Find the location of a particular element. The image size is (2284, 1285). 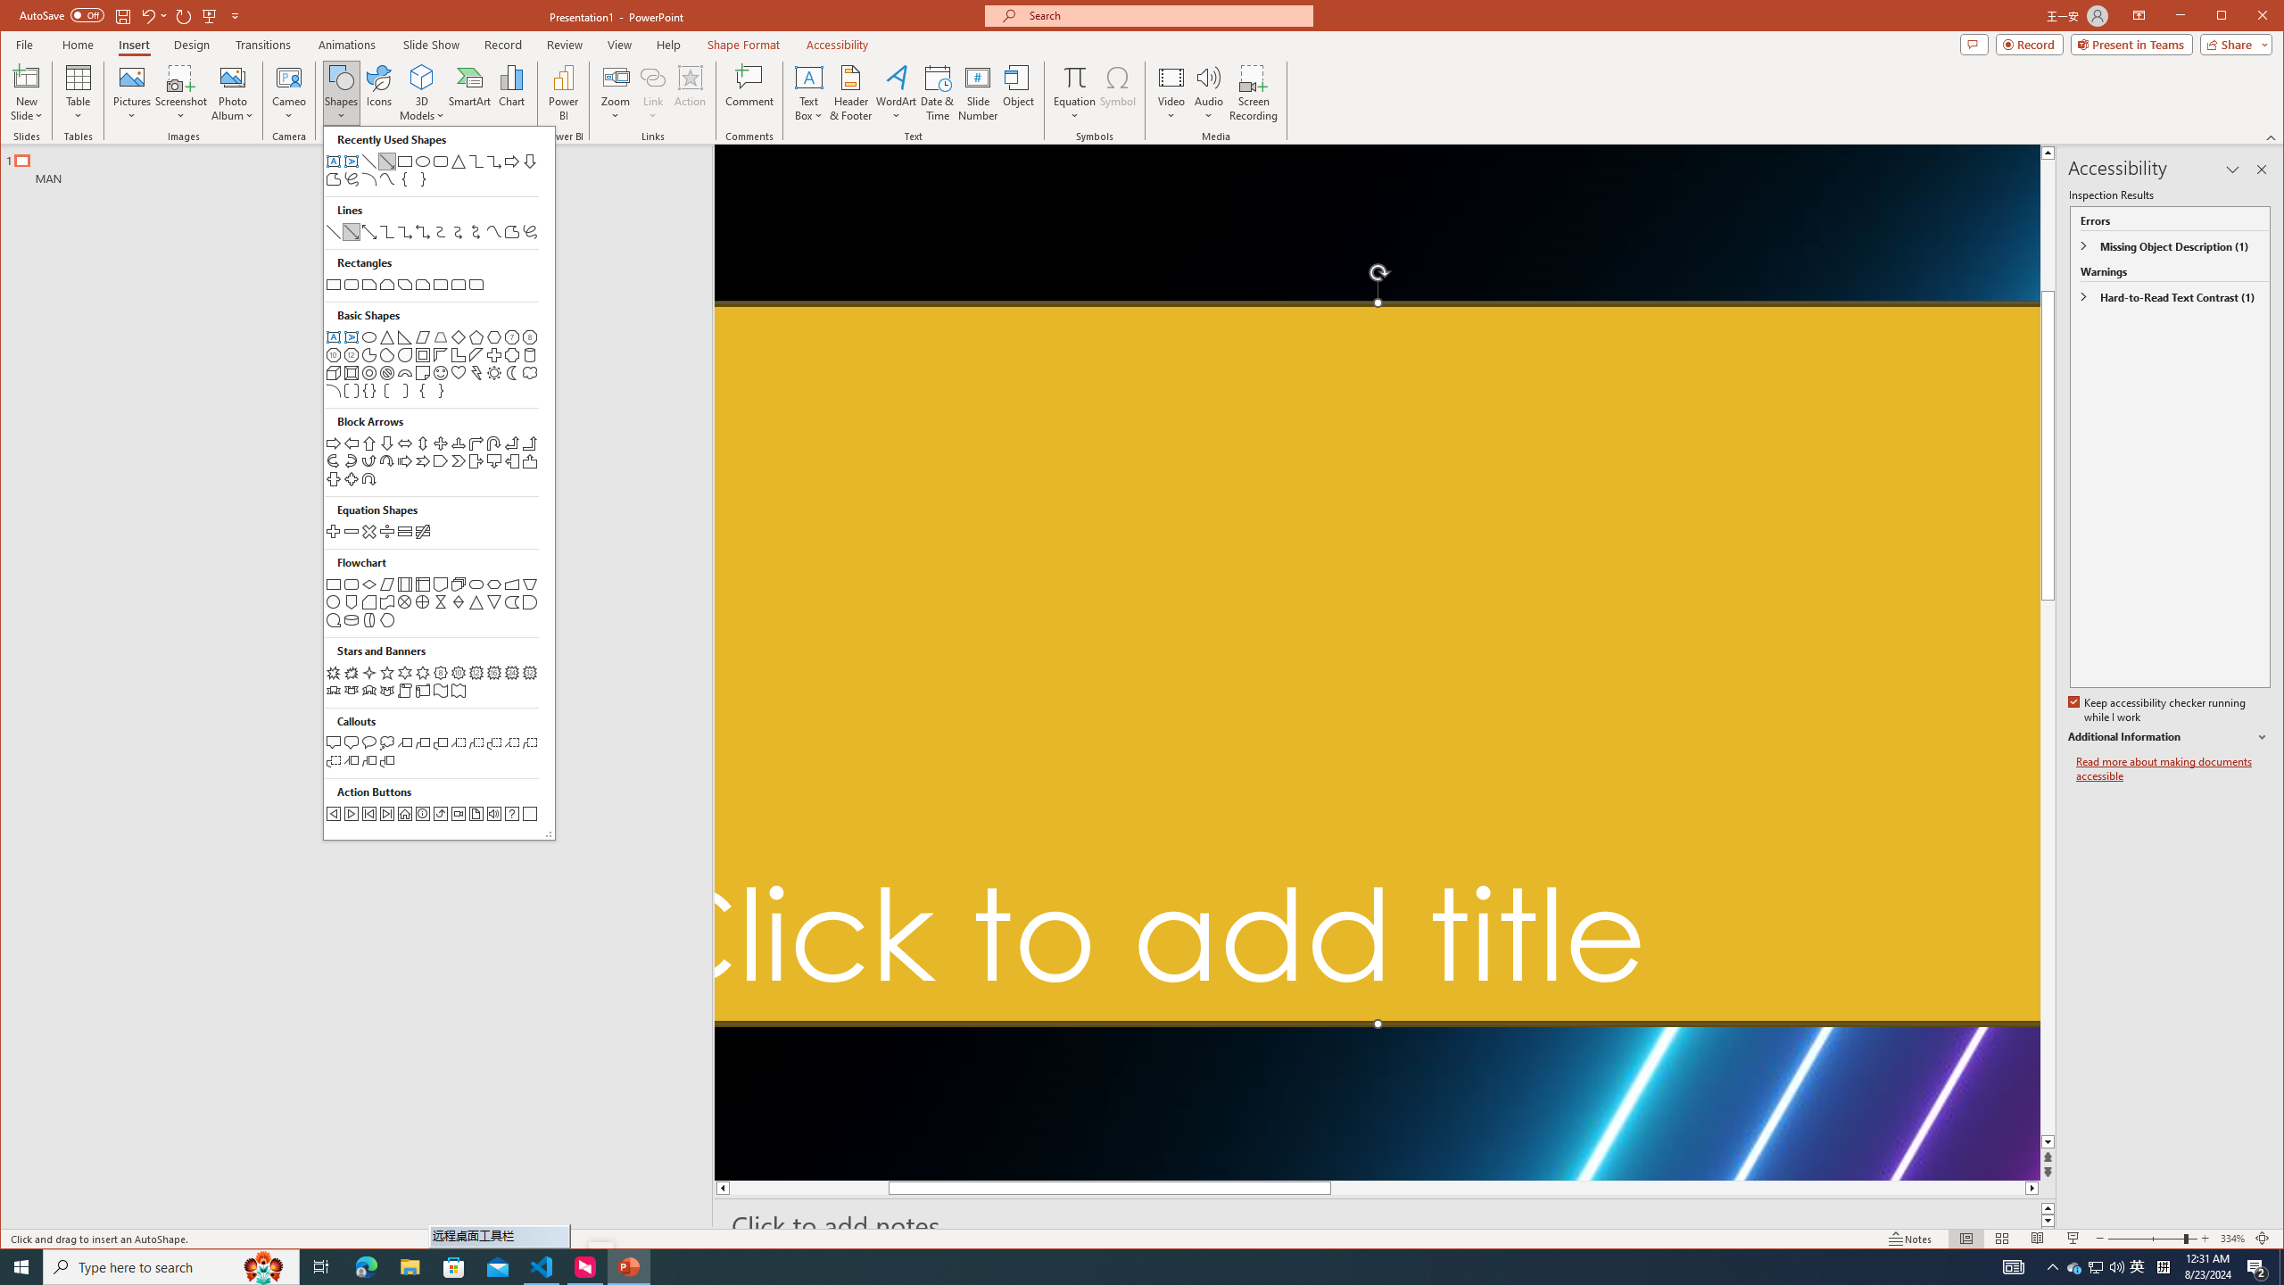

'Power BI' is located at coordinates (563, 92).